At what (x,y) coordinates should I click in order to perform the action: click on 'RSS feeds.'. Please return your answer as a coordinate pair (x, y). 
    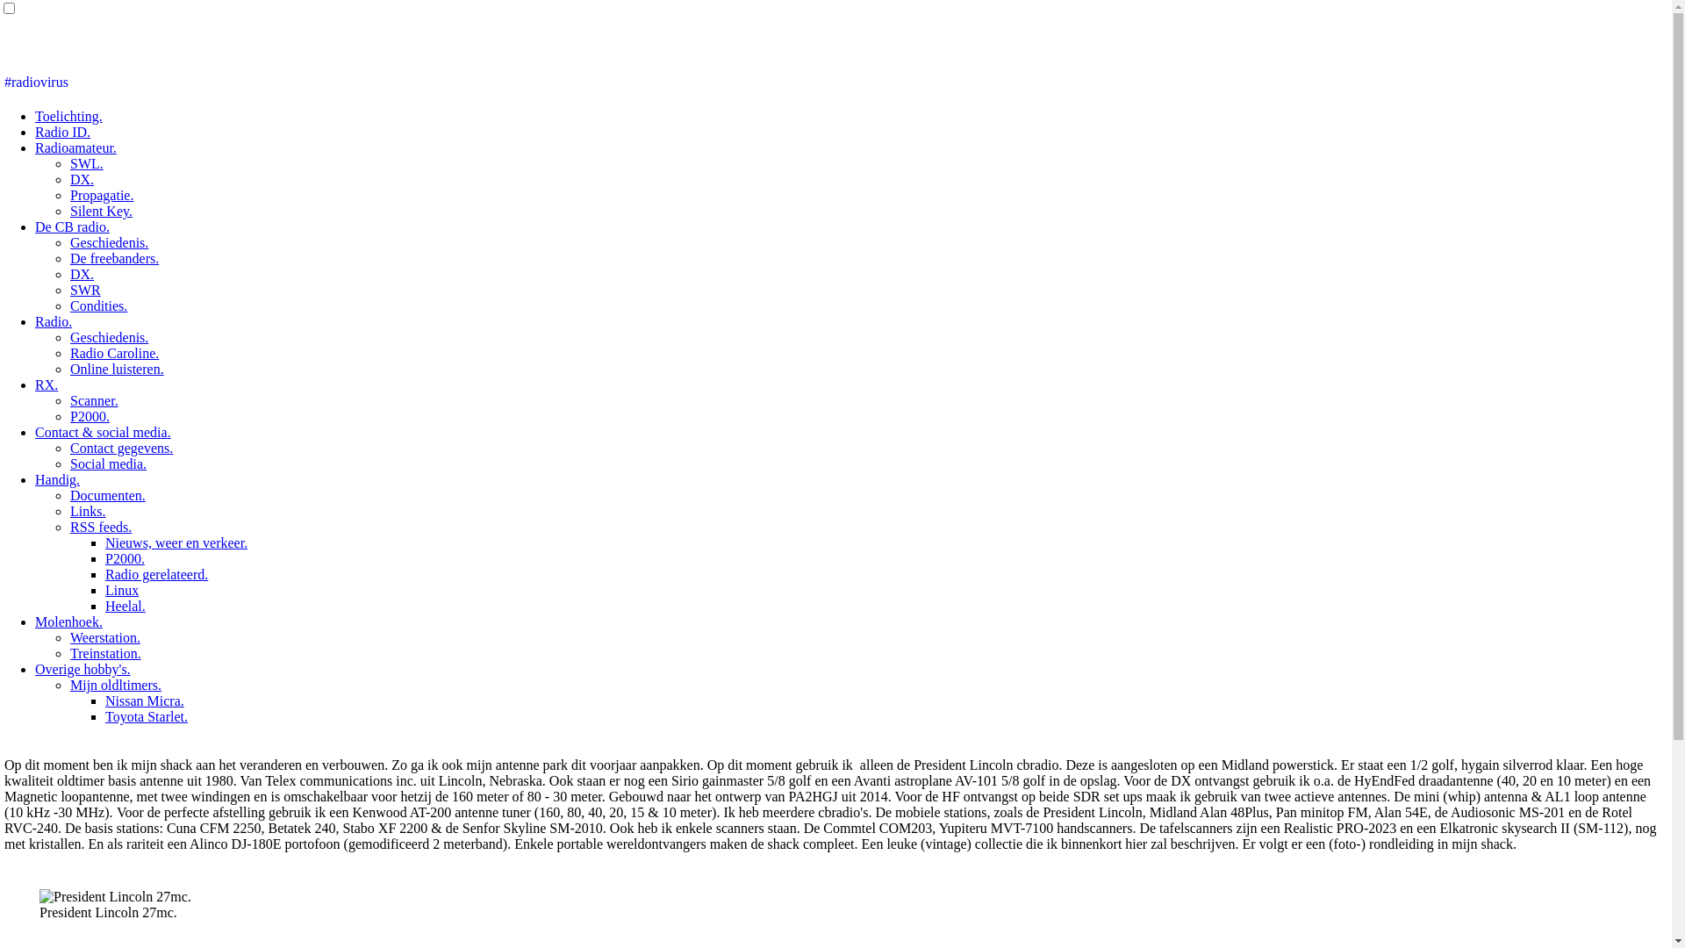
    Looking at the image, I should click on (100, 526).